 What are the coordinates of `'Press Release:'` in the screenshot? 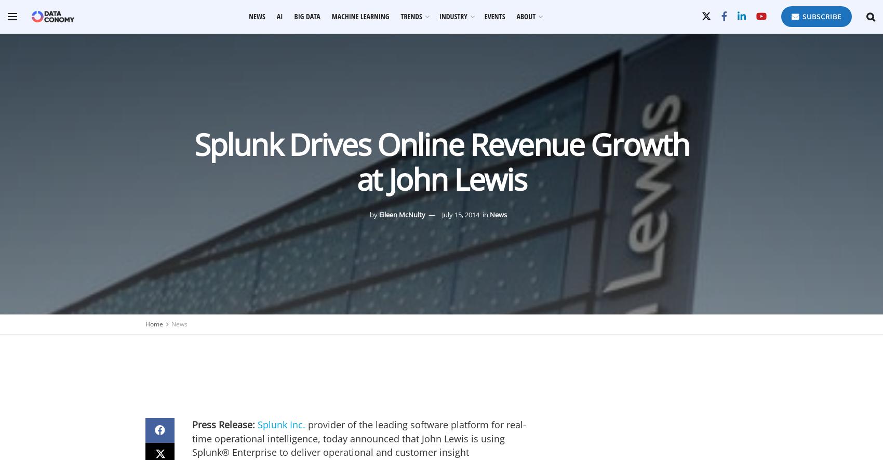 It's located at (191, 425).